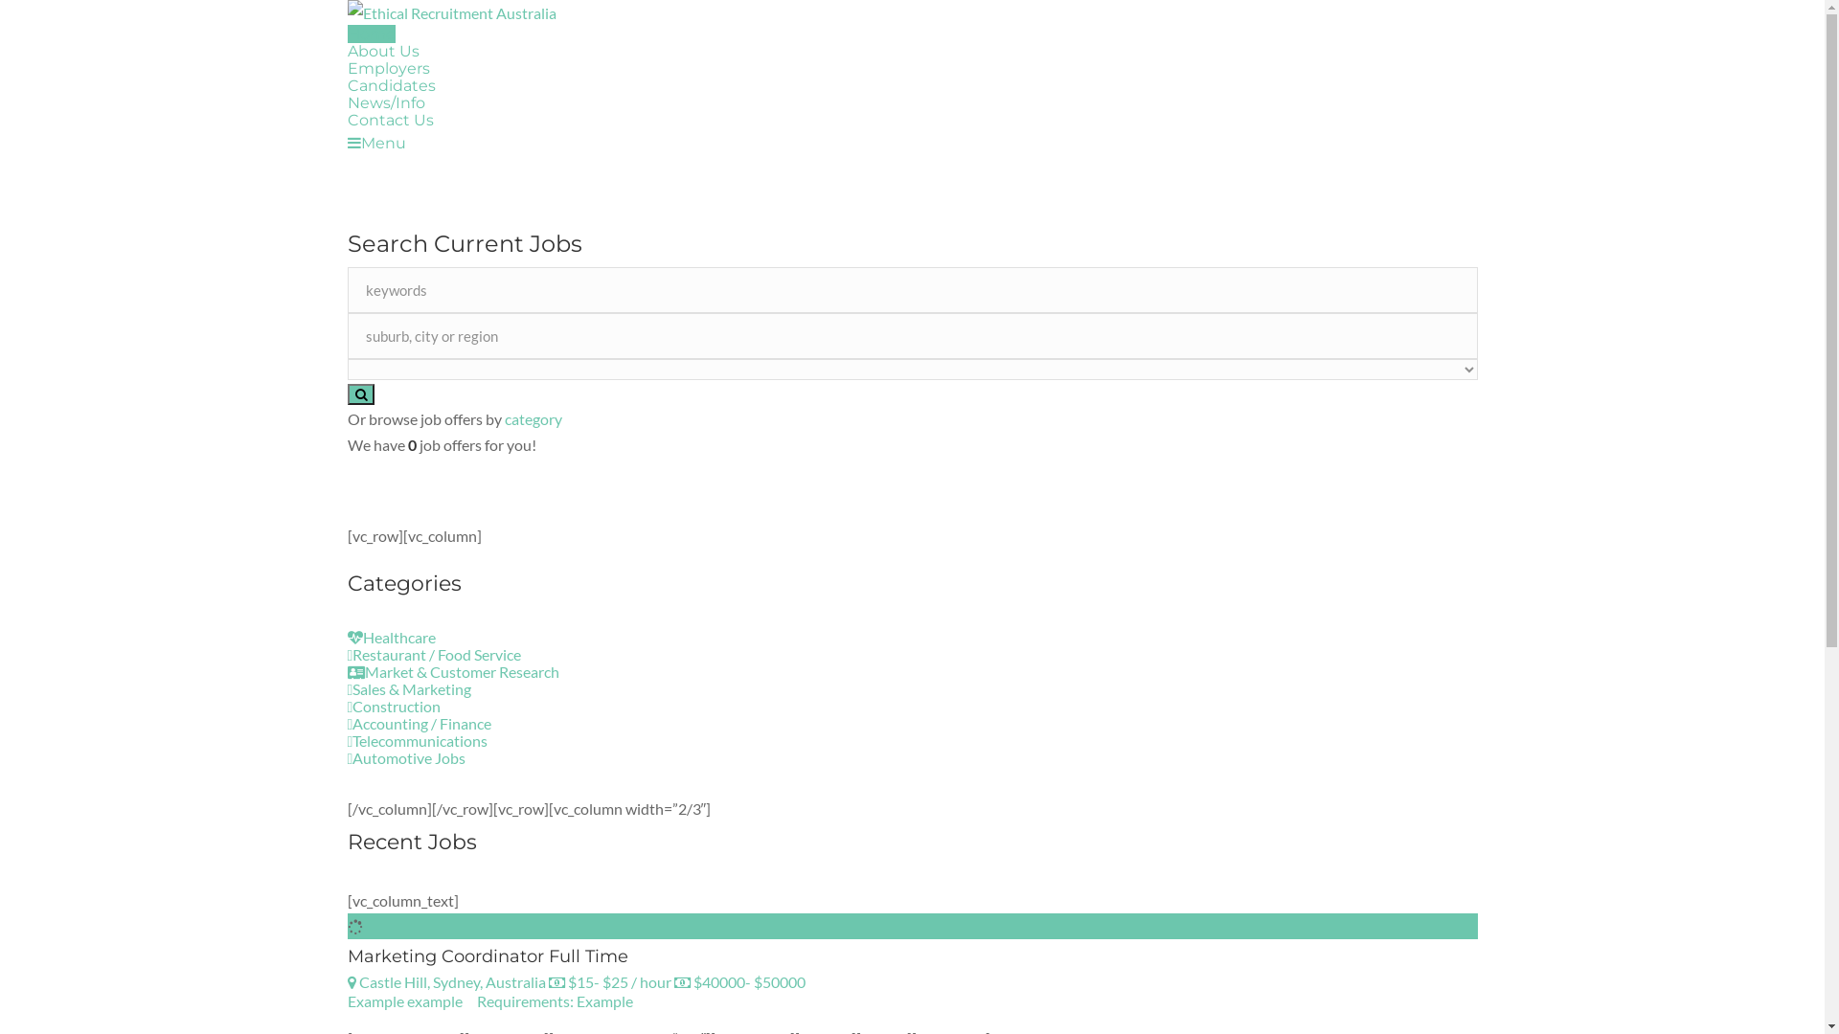 This screenshot has width=1839, height=1034. I want to click on 'Sales & Marketing', so click(346, 687).